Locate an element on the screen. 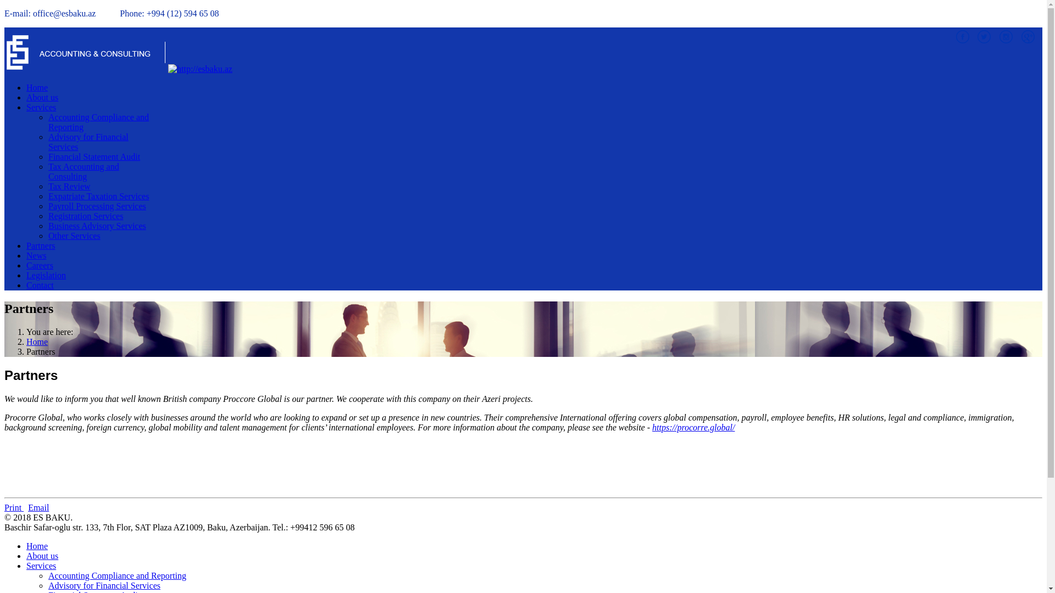 The image size is (1055, 593). 'Contact' is located at coordinates (40, 284).